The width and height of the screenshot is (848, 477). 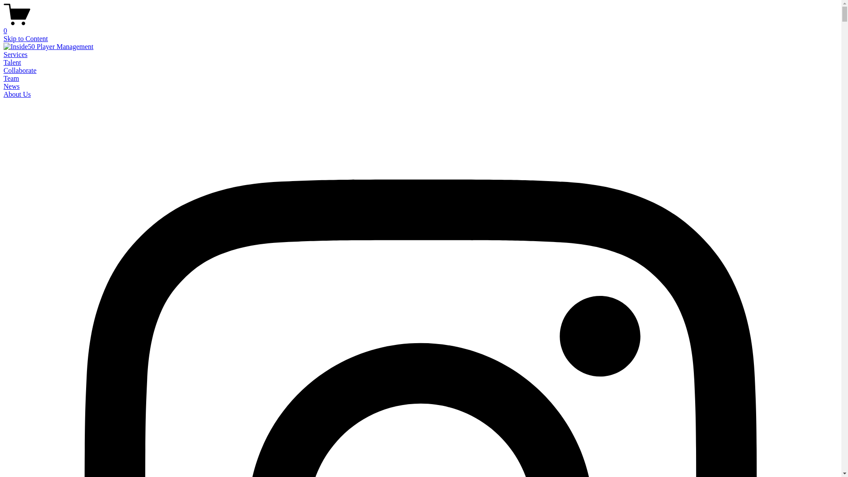 I want to click on 'Skip to Content', so click(x=25, y=38).